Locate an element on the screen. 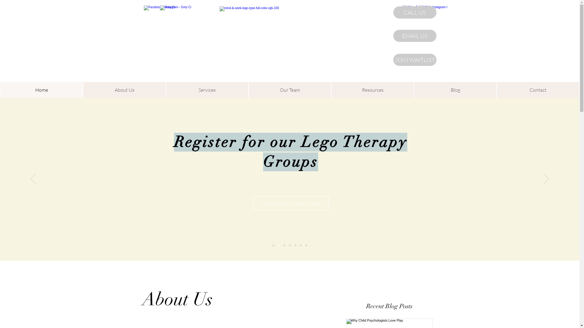 Image resolution: width=584 pixels, height=328 pixels. 'Our Team' is located at coordinates (290, 90).